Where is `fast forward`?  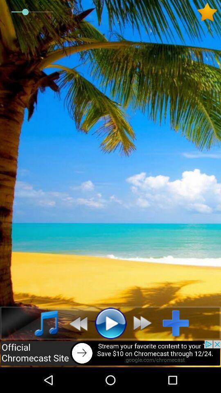 fast forward is located at coordinates (144, 323).